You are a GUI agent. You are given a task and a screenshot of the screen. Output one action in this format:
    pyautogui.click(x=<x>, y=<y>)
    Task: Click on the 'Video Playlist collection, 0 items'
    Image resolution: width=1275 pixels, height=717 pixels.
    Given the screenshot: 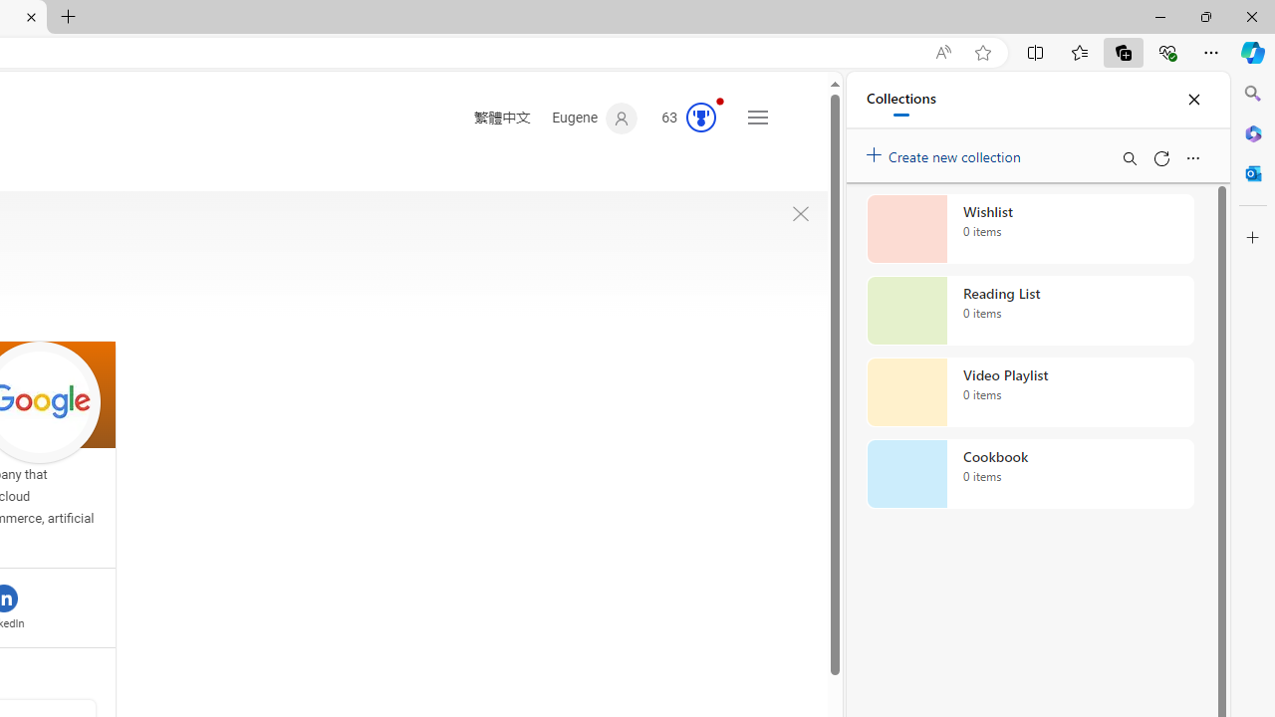 What is the action you would take?
    pyautogui.click(x=1030, y=392)
    